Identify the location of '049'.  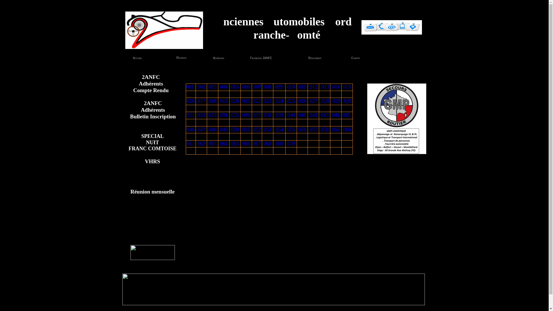
(224, 130).